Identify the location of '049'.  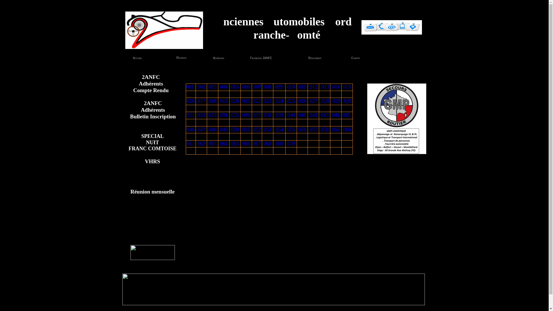
(224, 130).